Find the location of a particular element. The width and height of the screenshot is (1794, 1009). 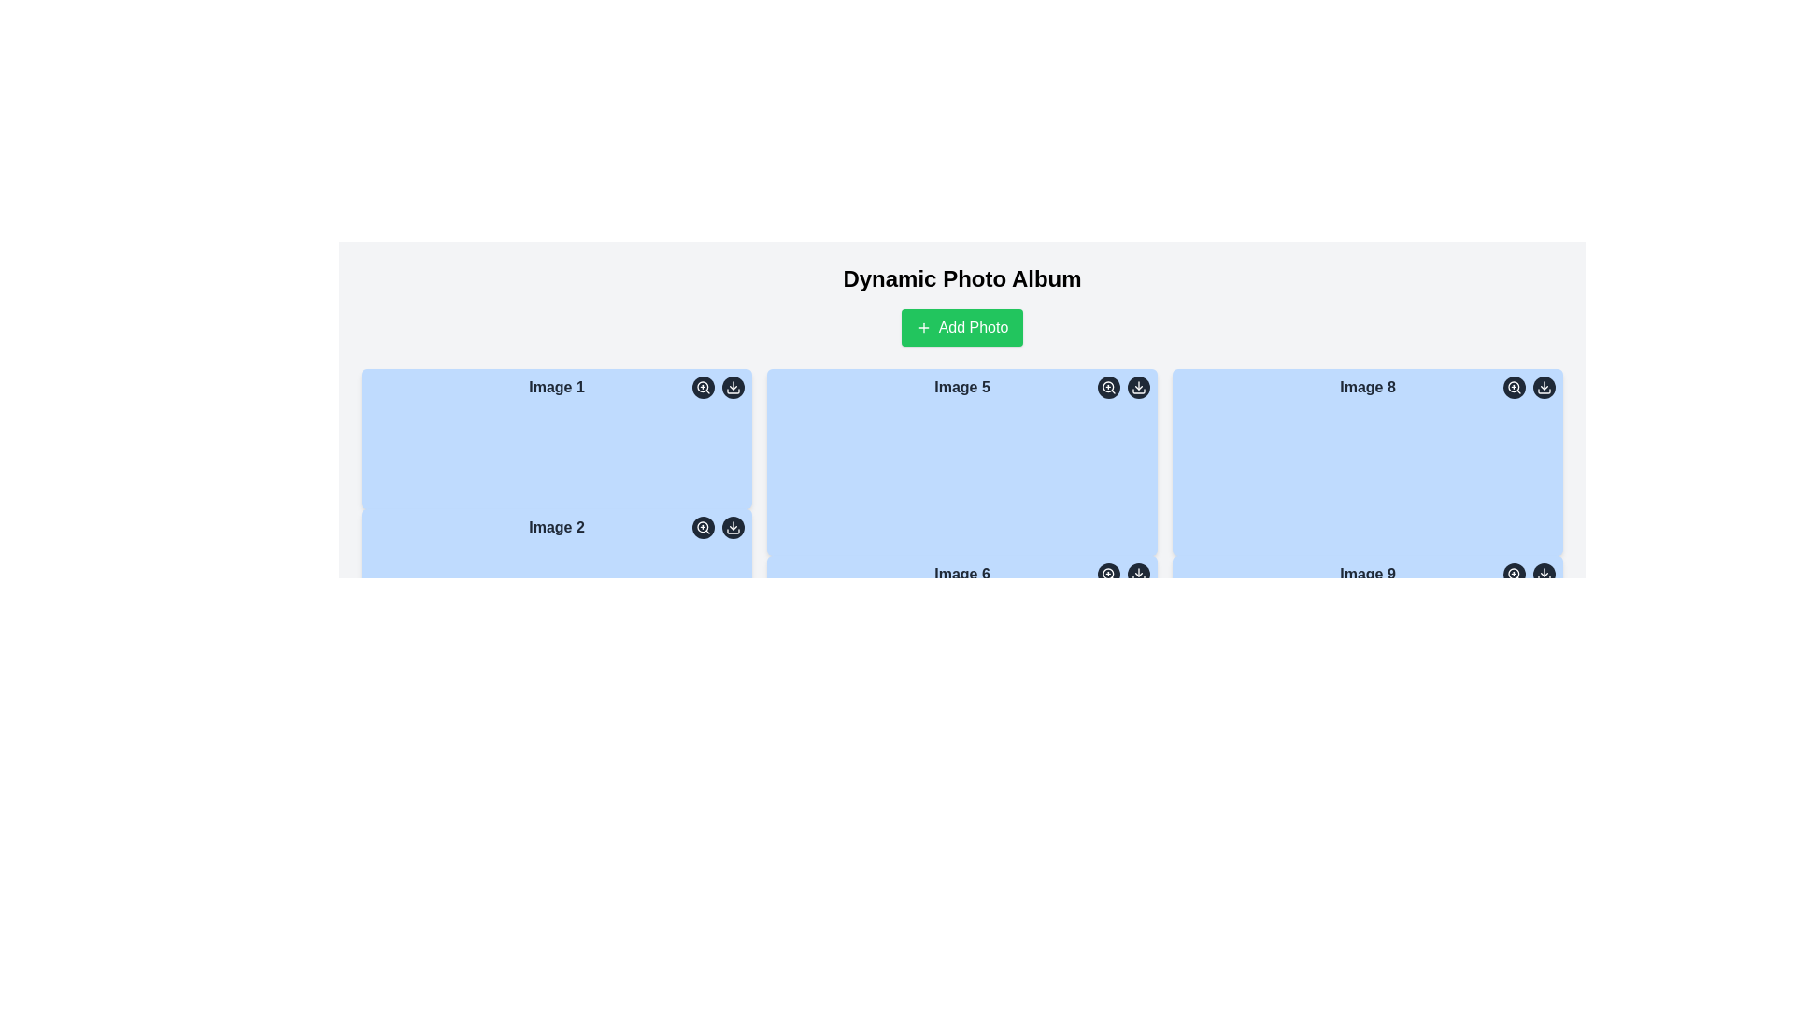

the circular button with a gray background and a white downward arrow icon located in the top-right corner of the blue card labeled 'Image 6' is located at coordinates (1138, 573).